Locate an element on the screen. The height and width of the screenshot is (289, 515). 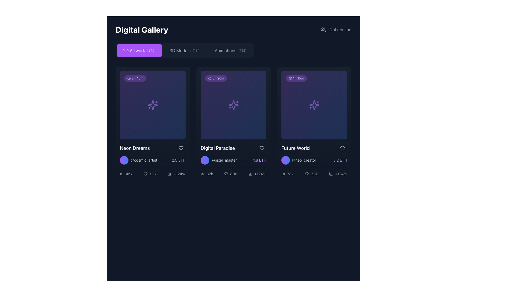
the heart-shaped icon button for keyboard interaction is located at coordinates (342, 148).